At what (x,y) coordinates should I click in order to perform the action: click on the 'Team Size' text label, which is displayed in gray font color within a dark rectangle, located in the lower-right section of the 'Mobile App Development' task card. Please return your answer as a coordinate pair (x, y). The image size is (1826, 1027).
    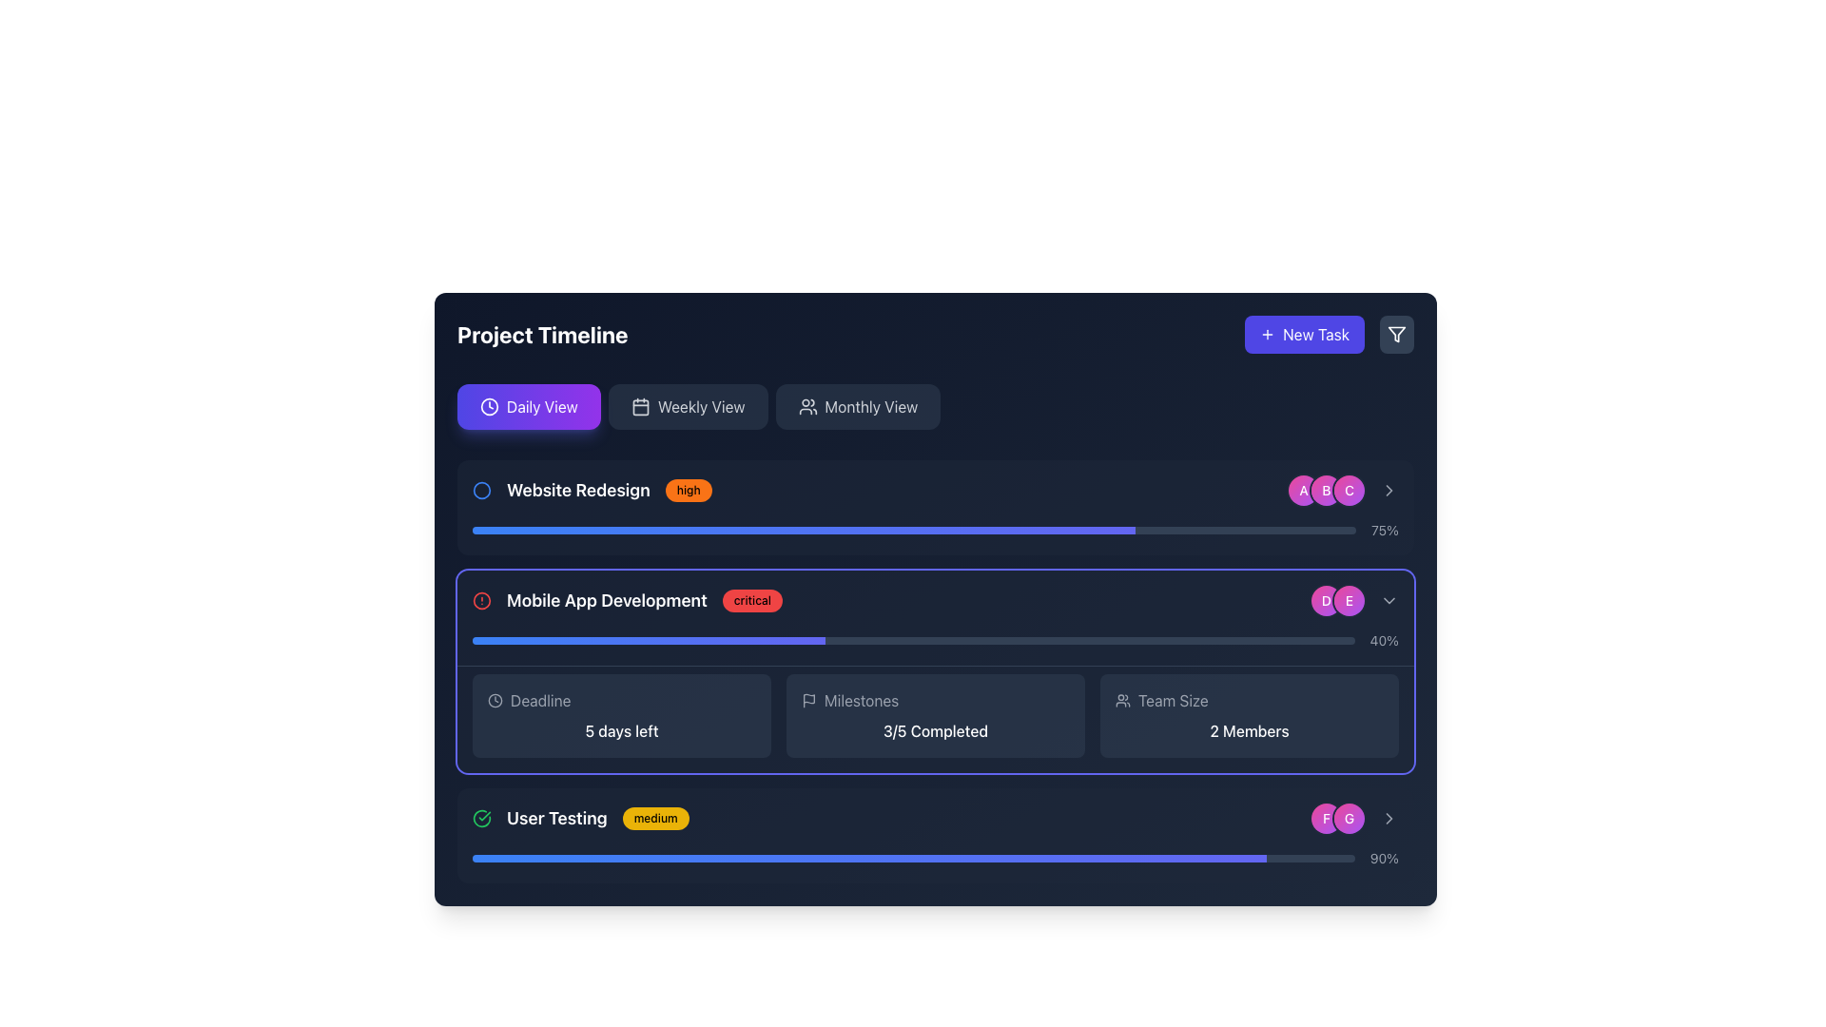
    Looking at the image, I should click on (1172, 700).